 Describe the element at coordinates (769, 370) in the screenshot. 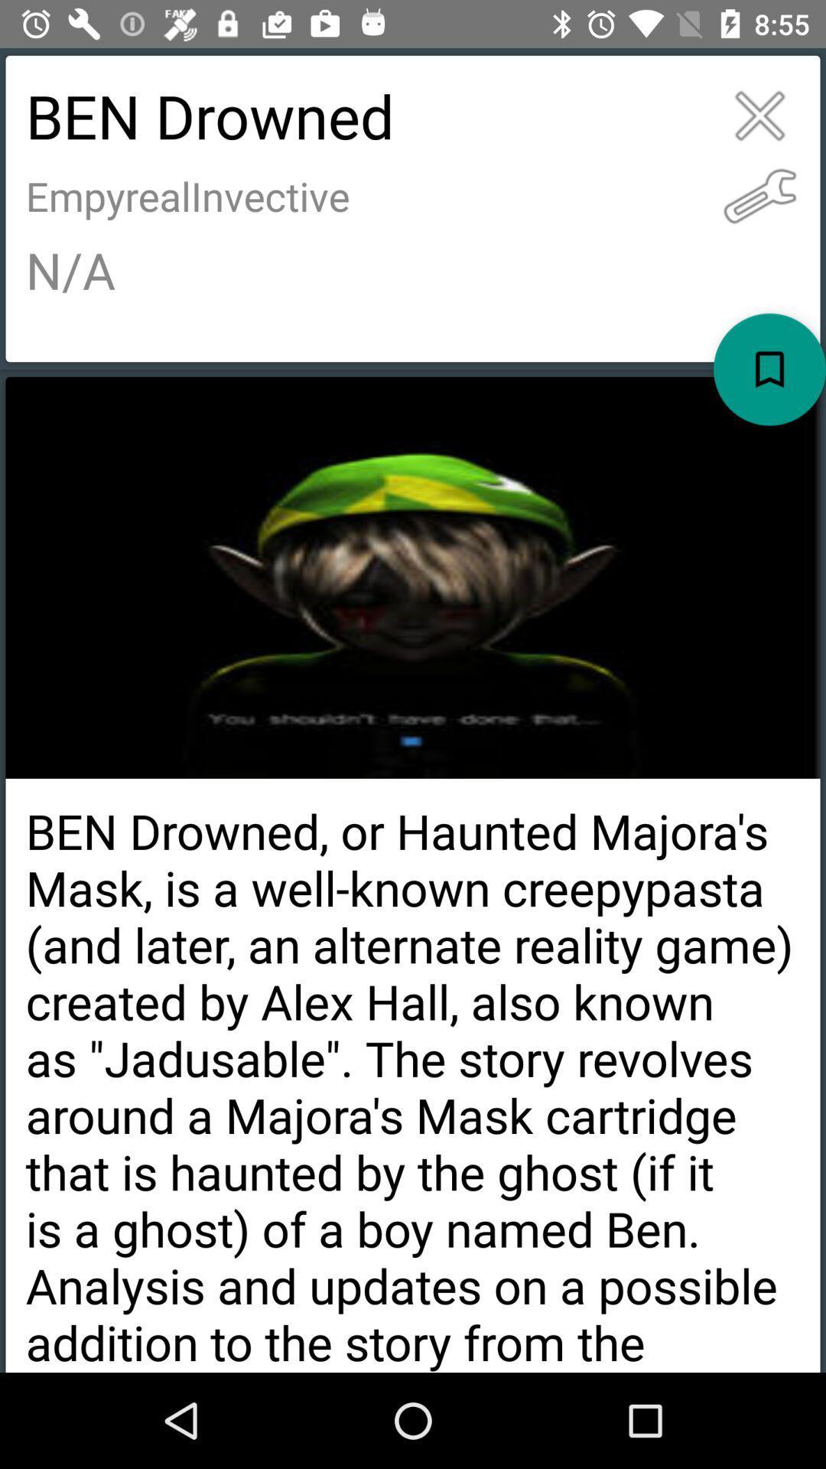

I see `item below n/a item` at that location.